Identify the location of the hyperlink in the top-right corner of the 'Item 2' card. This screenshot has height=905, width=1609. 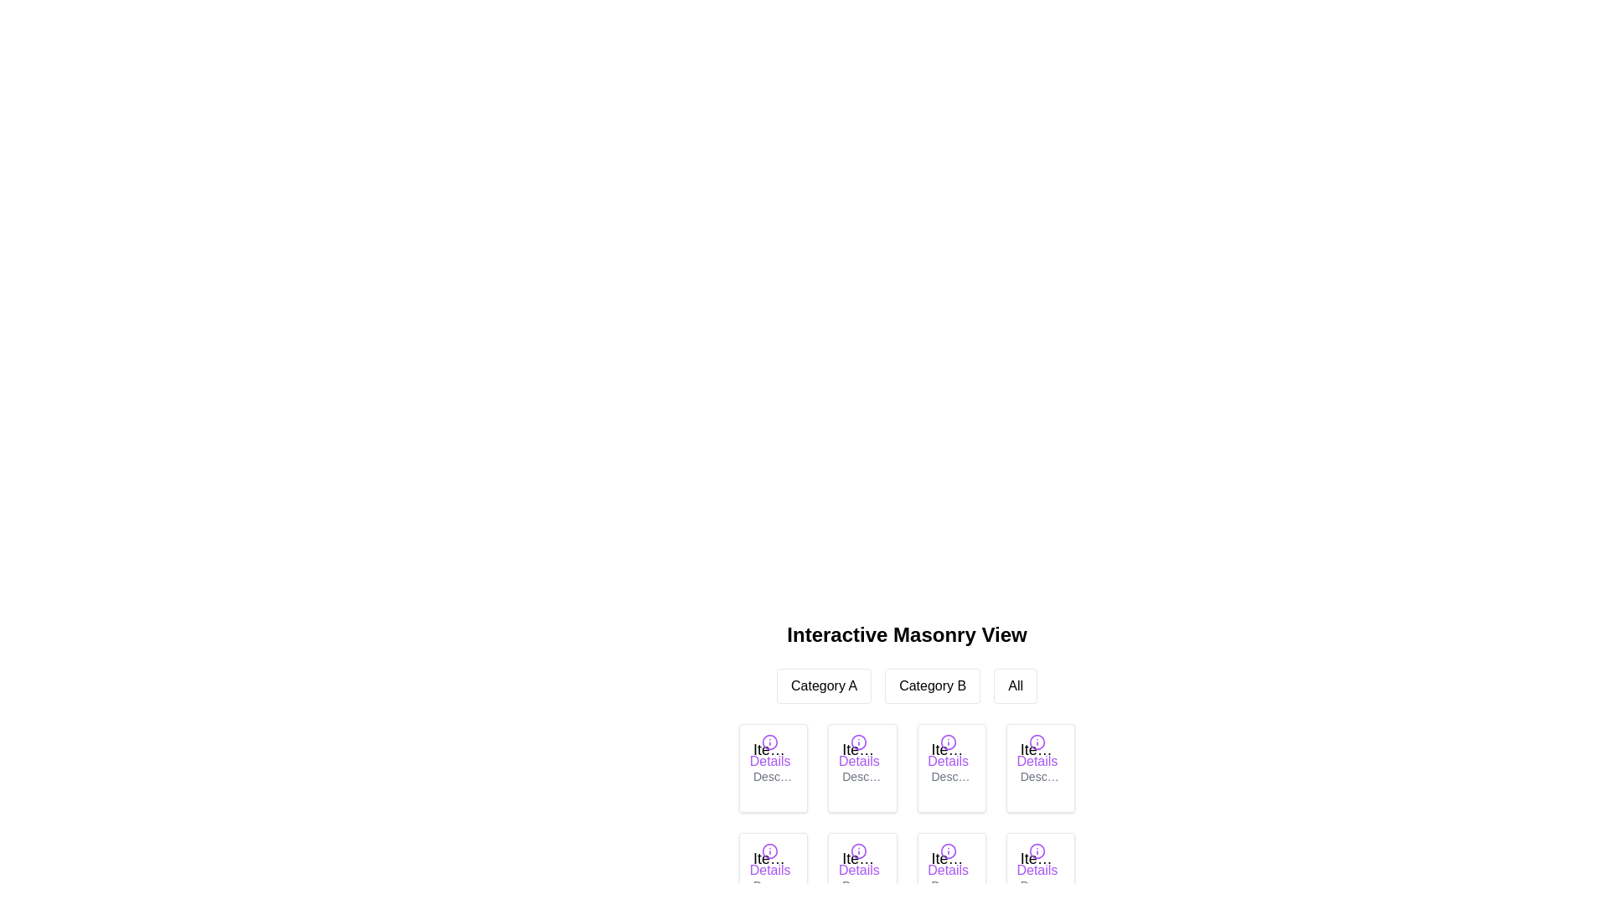
(859, 751).